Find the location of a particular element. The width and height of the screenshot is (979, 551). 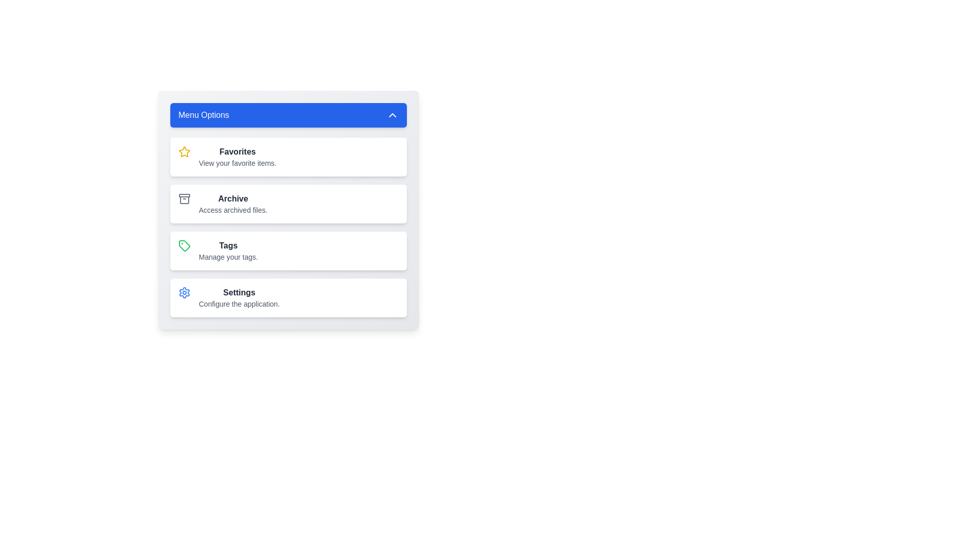

the 'Settings' menu option, which is the last item in the vertical list under the 'Menu Options' section is located at coordinates (239, 297).